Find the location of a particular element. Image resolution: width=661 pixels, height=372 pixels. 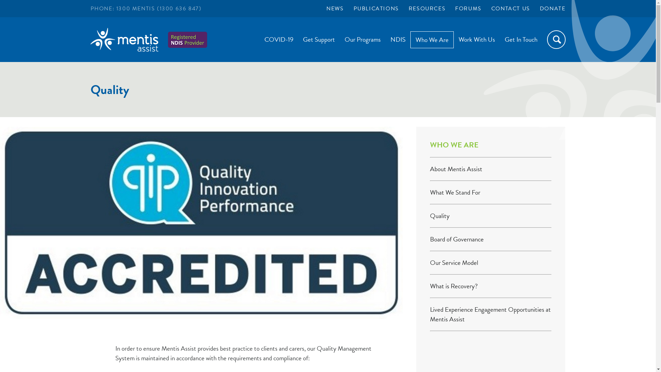

'NDIS' is located at coordinates (398, 39).